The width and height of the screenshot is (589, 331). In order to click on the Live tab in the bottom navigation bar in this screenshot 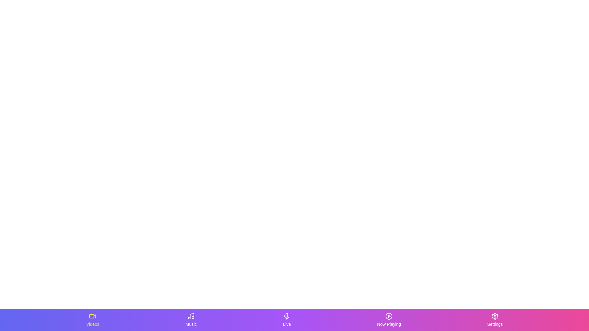, I will do `click(287, 320)`.